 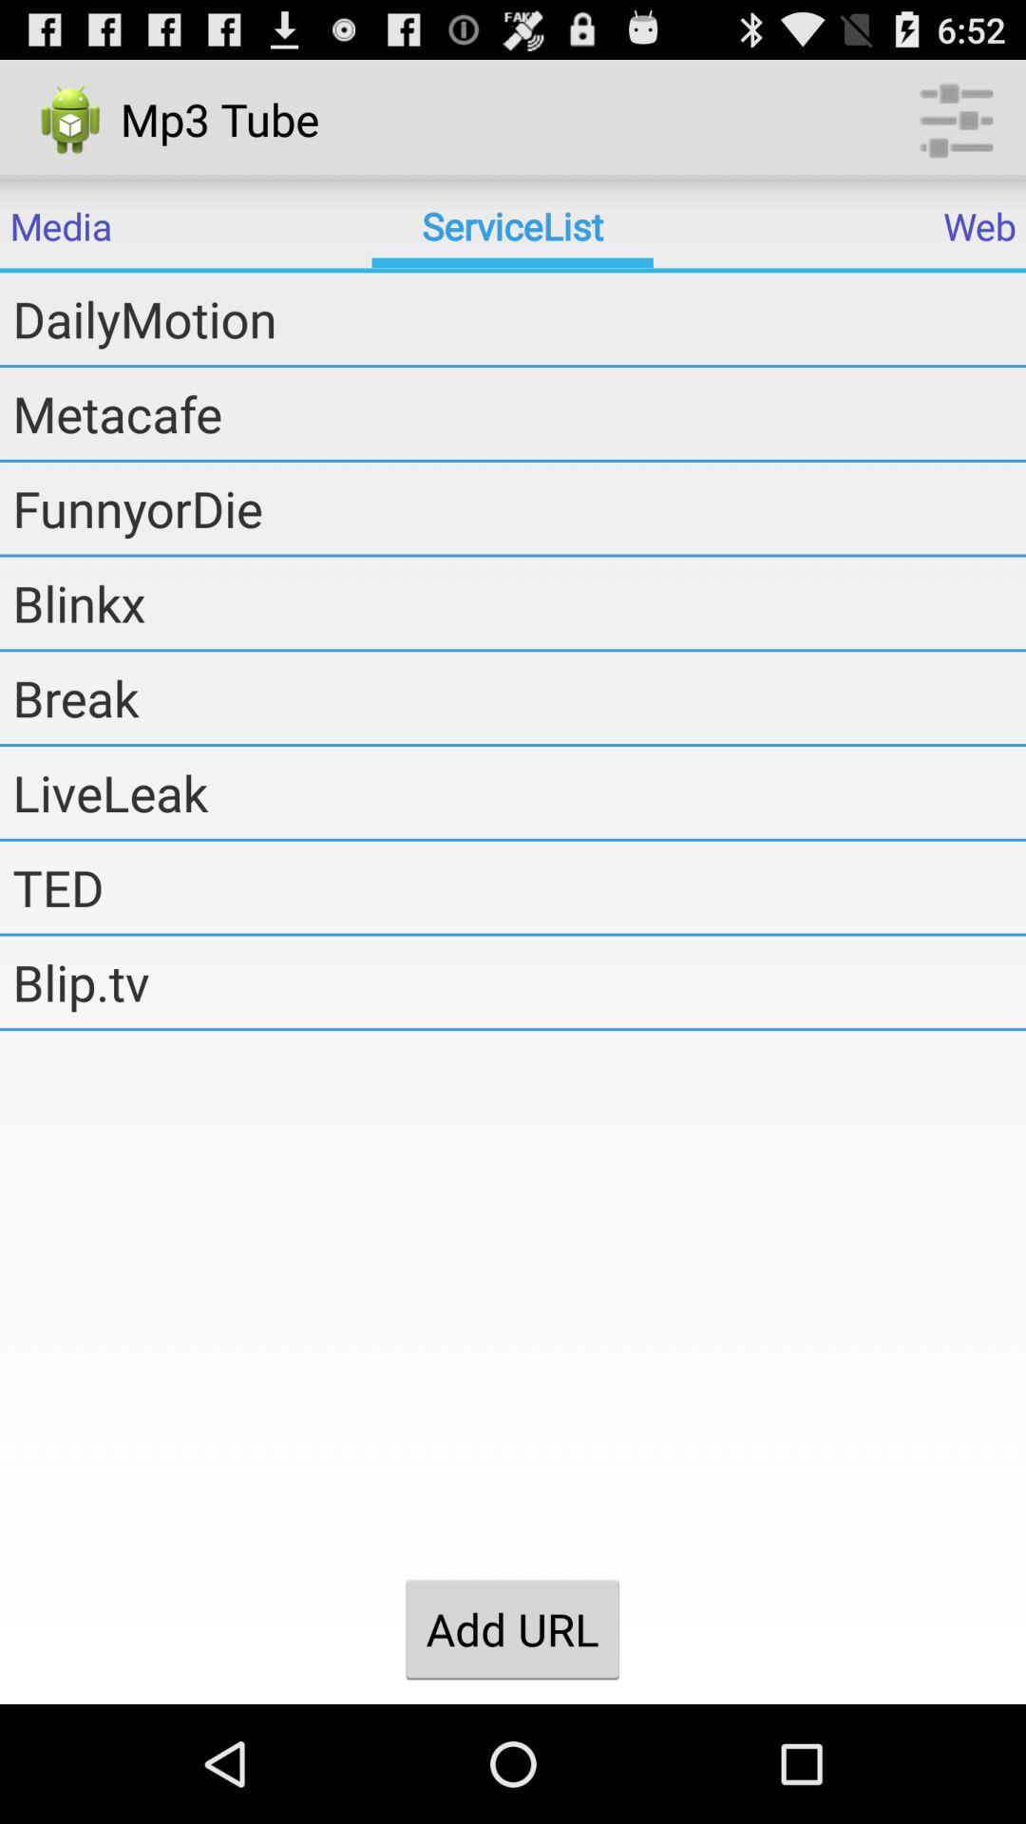 I want to click on the icon to the right of the mp3 tube item, so click(x=956, y=118).